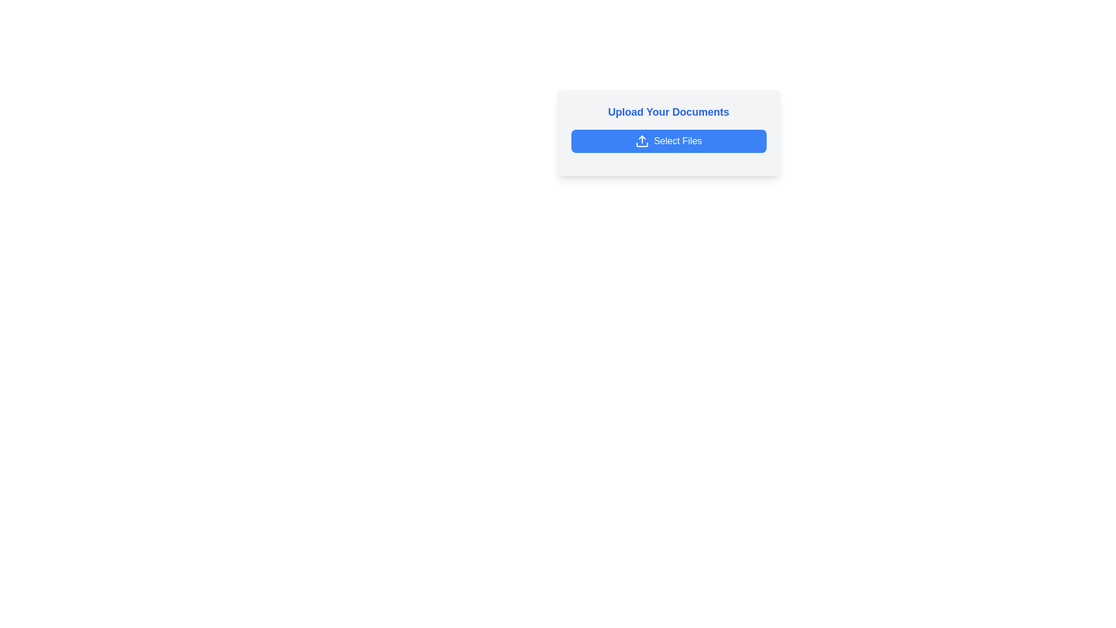  I want to click on the file selection button located below the header text 'Upload Your Documents' in the card-like component to change its background color, so click(668, 141).